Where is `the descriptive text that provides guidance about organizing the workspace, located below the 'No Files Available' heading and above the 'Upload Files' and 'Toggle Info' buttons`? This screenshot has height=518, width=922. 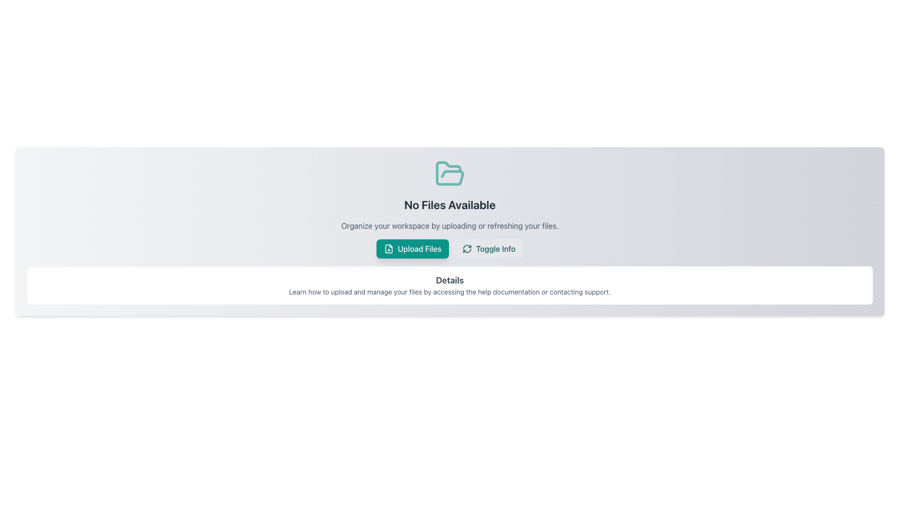 the descriptive text that provides guidance about organizing the workspace, located below the 'No Files Available' heading and above the 'Upload Files' and 'Toggle Info' buttons is located at coordinates (449, 225).